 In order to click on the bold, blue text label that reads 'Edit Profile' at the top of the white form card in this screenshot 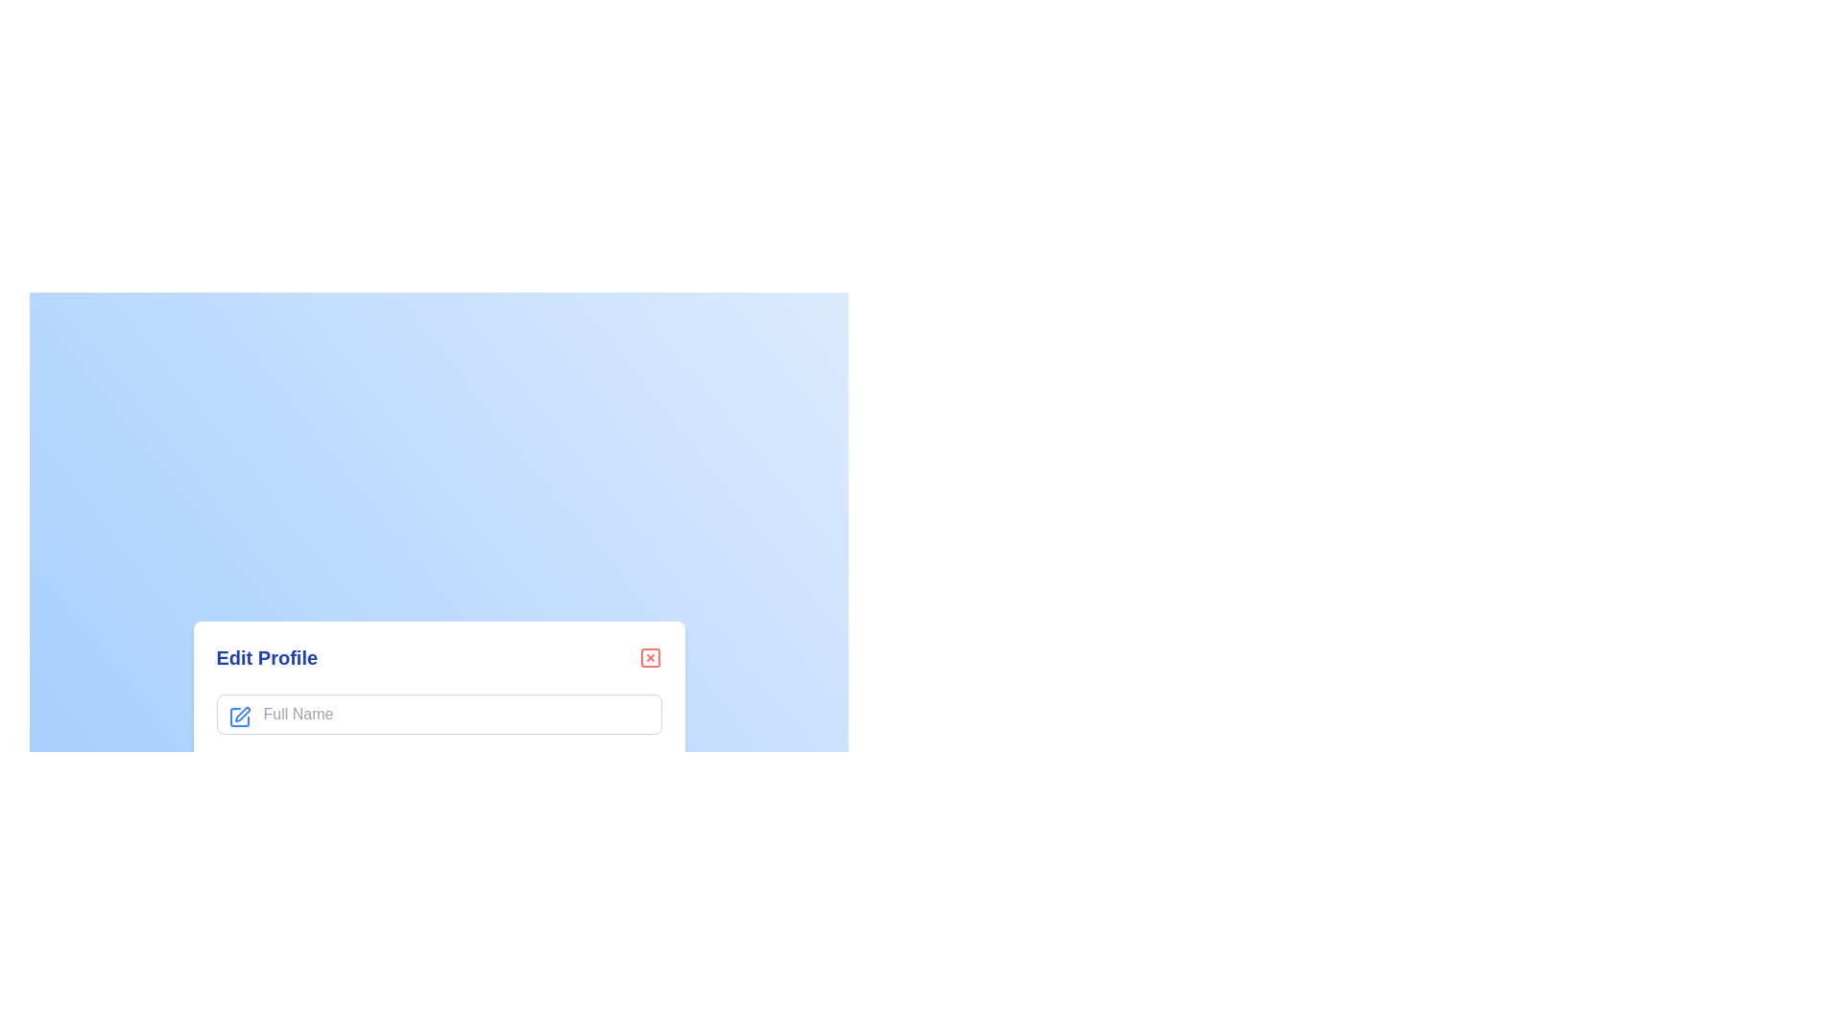, I will do `click(266, 657)`.